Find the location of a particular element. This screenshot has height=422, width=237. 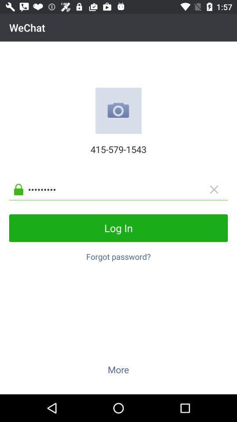

button below the log in item is located at coordinates (118, 254).